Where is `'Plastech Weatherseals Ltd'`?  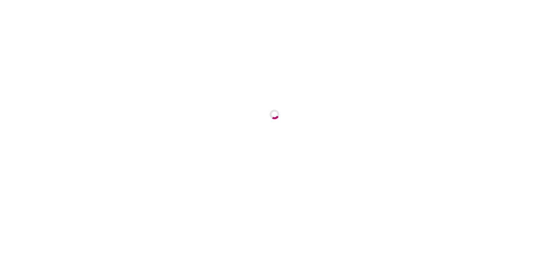 'Plastech Weatherseals Ltd' is located at coordinates (215, 189).